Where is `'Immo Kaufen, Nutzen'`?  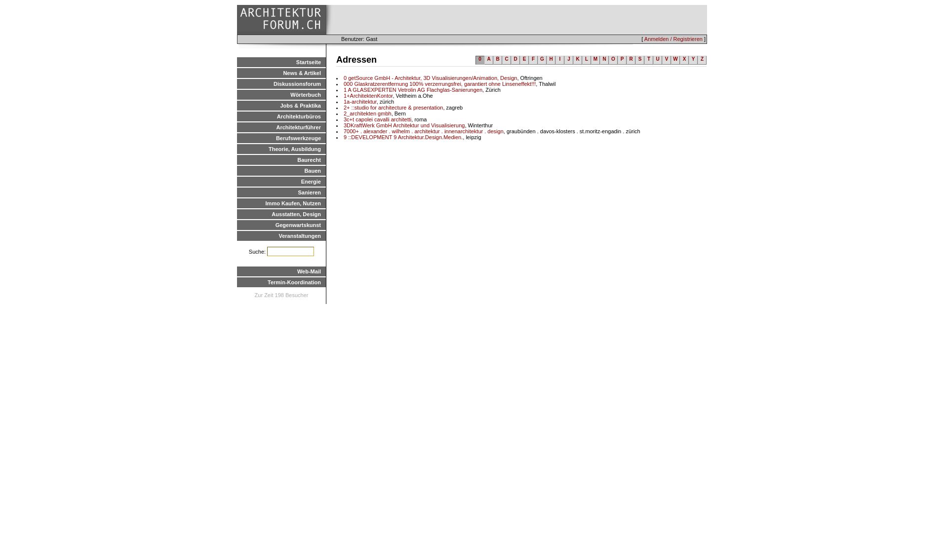 'Immo Kaufen, Nutzen' is located at coordinates (281, 203).